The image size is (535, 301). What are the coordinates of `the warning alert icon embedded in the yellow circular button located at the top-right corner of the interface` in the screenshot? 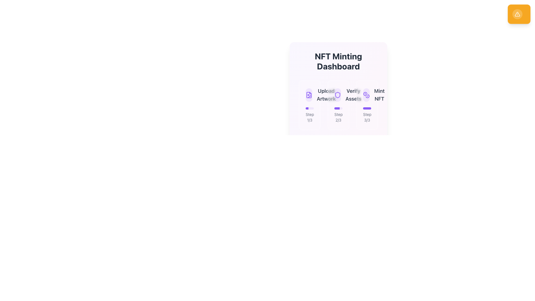 It's located at (517, 14).